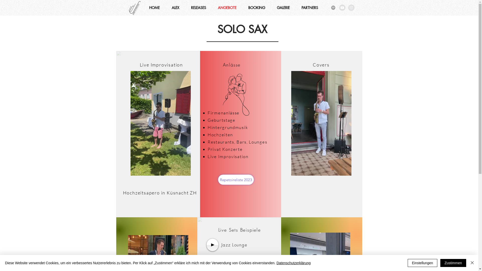 Image resolution: width=482 pixels, height=271 pixels. What do you see at coordinates (175, 8) in the screenshot?
I see `'ALEX'` at bounding box center [175, 8].